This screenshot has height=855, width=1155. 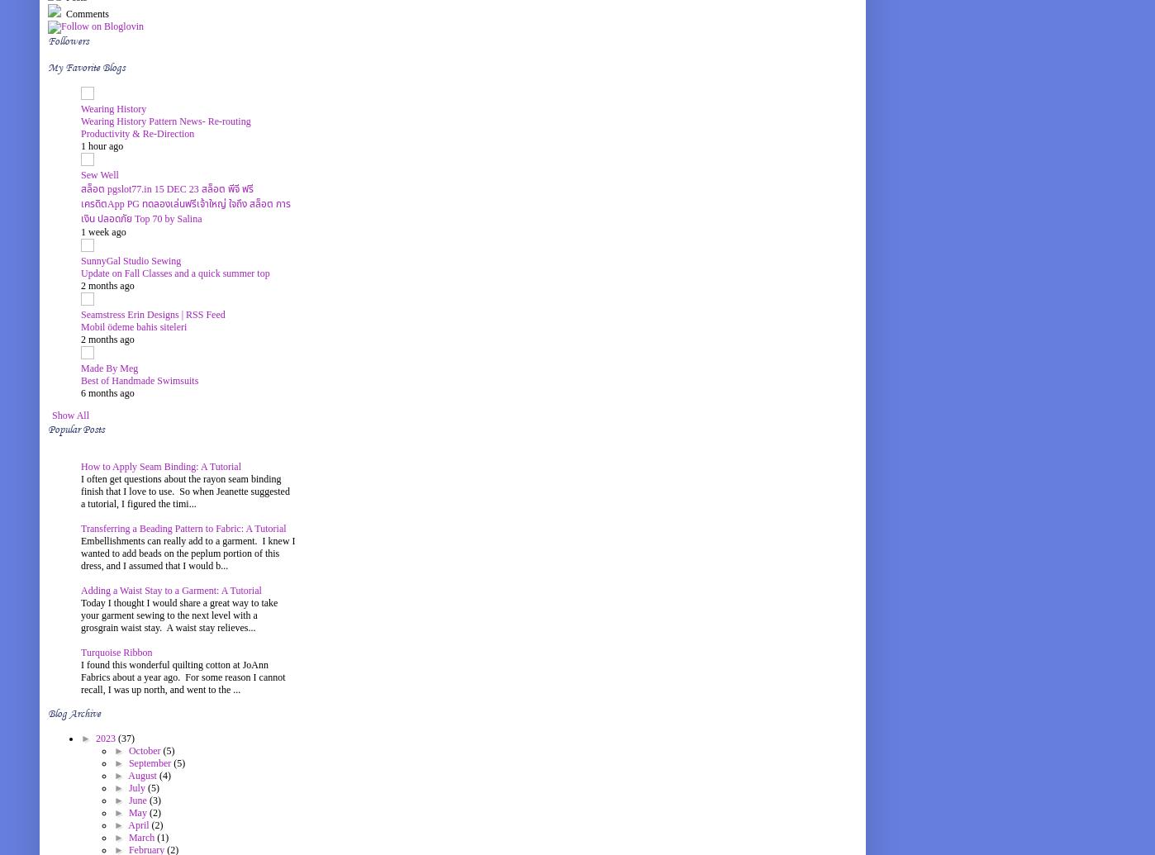 I want to click on 'My Favorite Blogs', so click(x=86, y=67).